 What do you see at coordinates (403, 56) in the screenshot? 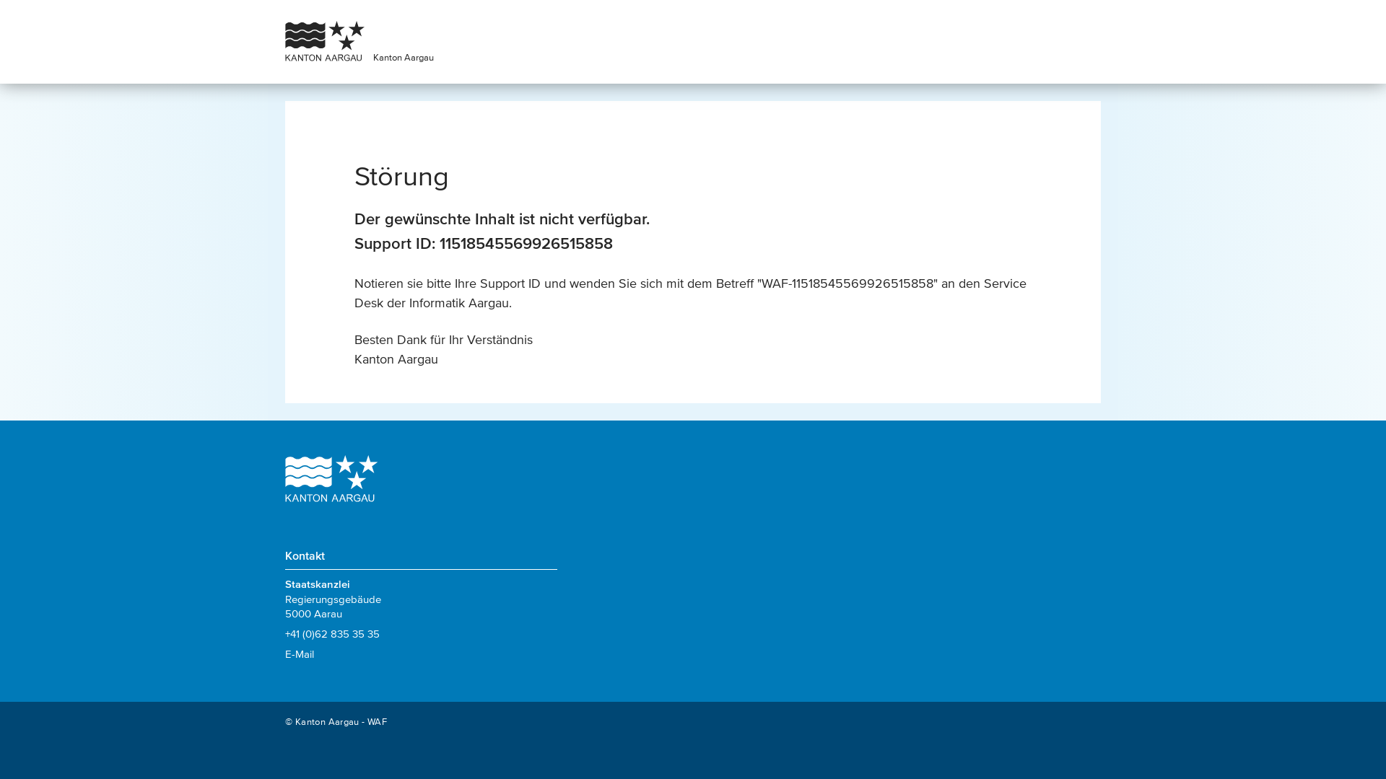
I see `'Kanton Aargau'` at bounding box center [403, 56].